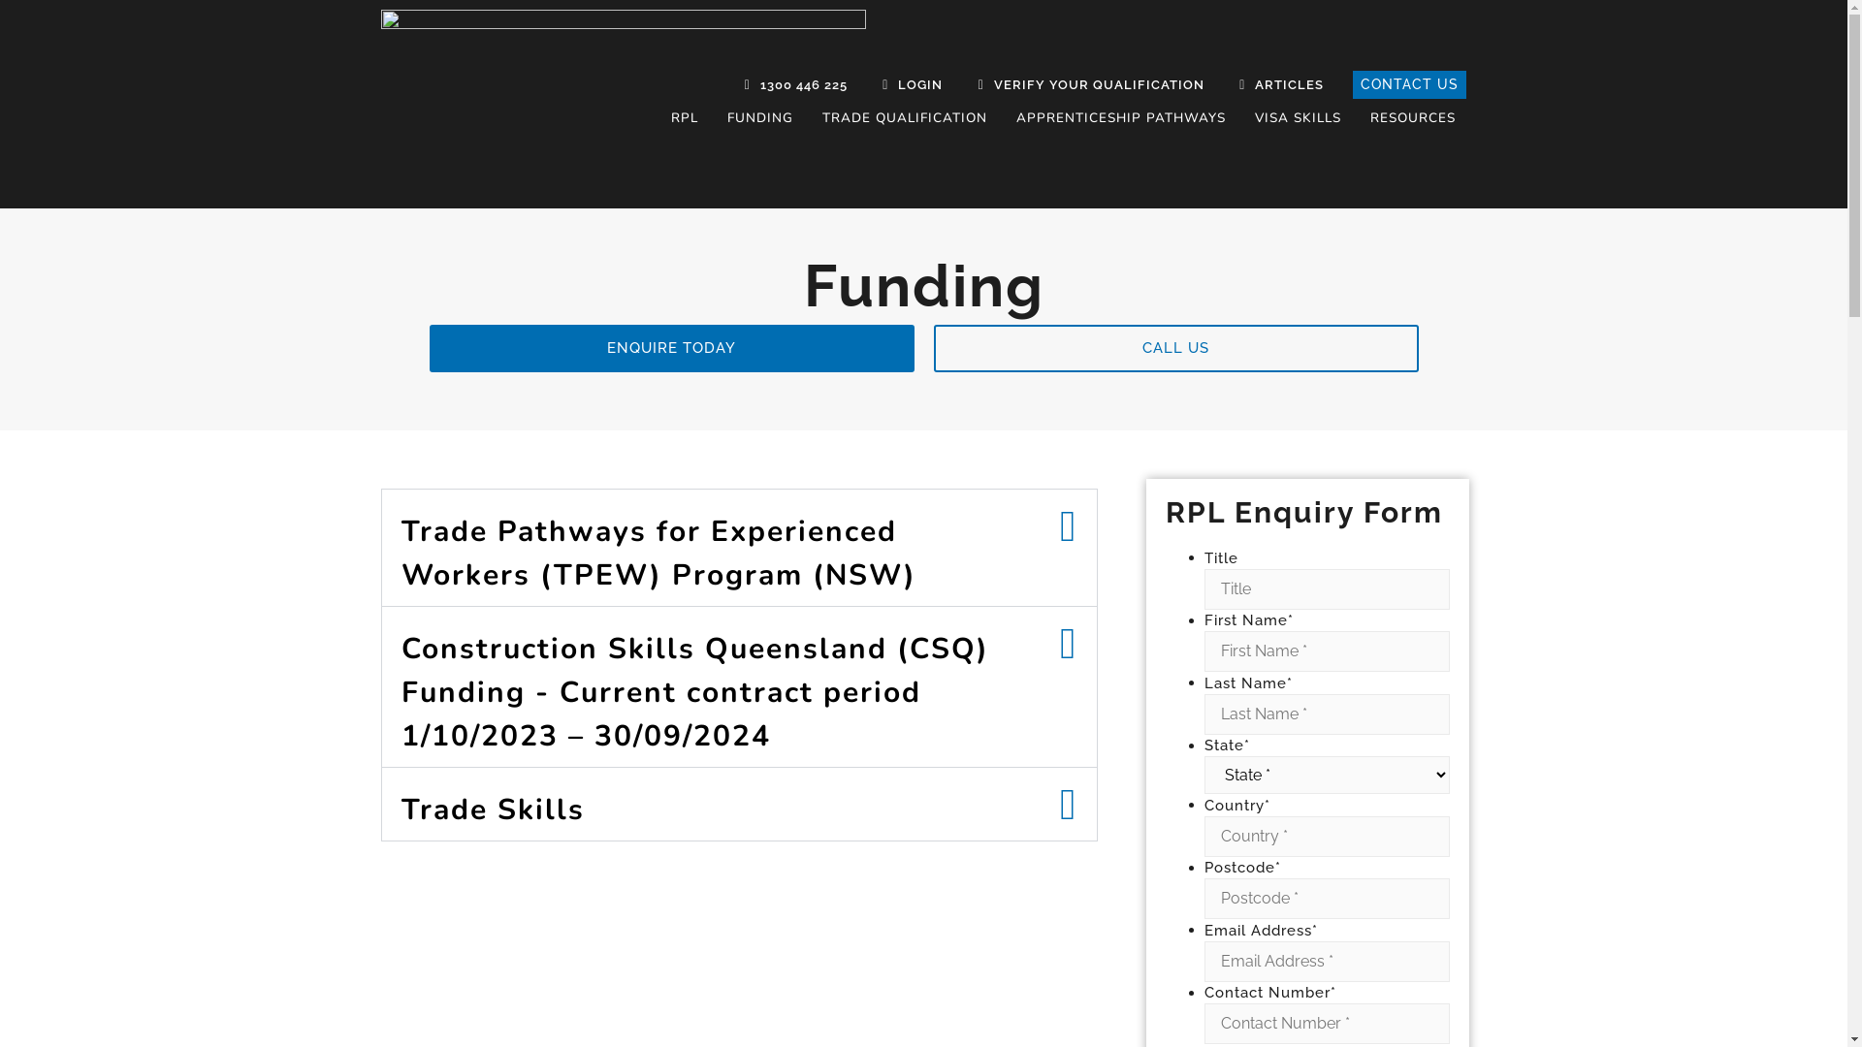 This screenshot has height=1047, width=1862. Describe the element at coordinates (1276, 84) in the screenshot. I see `'ARTICLES'` at that location.